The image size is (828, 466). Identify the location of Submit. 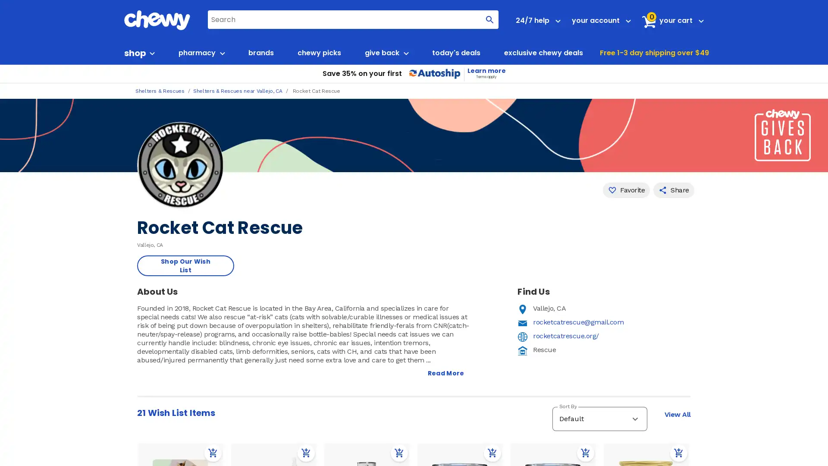
(490, 19).